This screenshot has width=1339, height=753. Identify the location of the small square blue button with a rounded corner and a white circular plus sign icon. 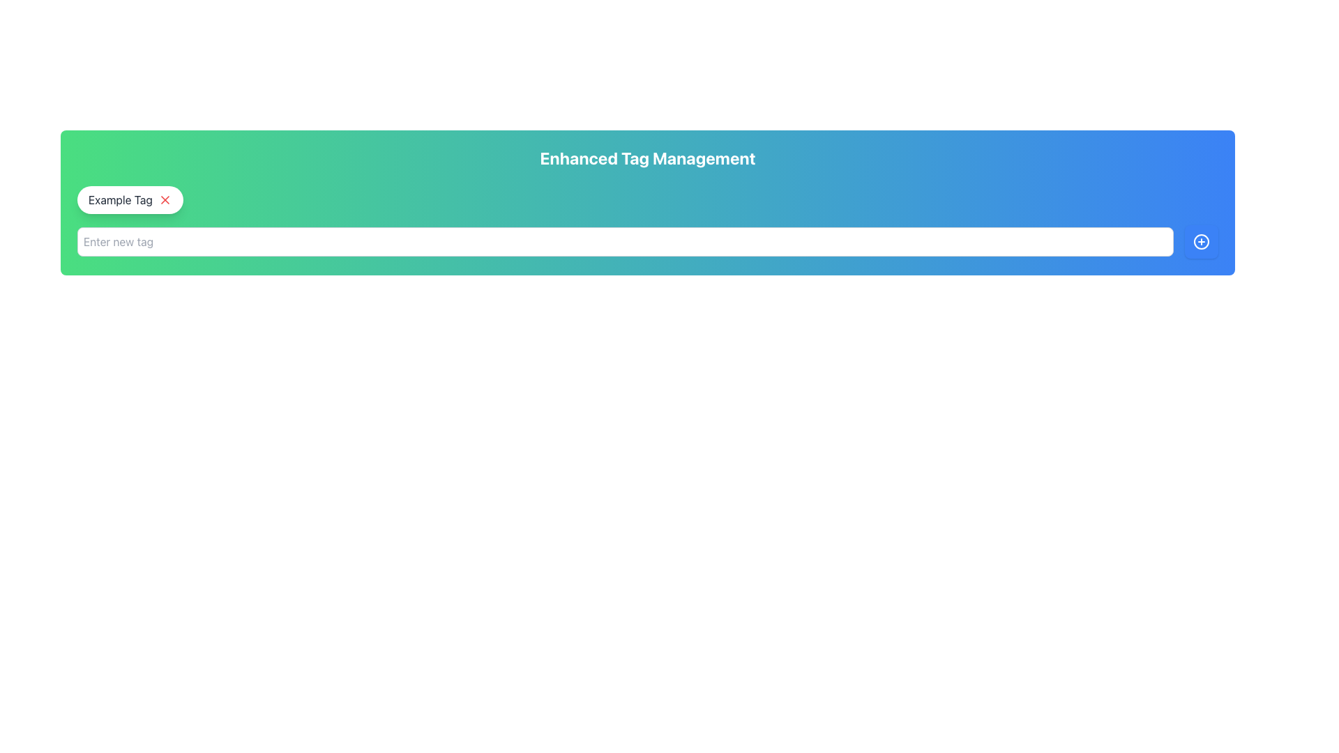
(1201, 241).